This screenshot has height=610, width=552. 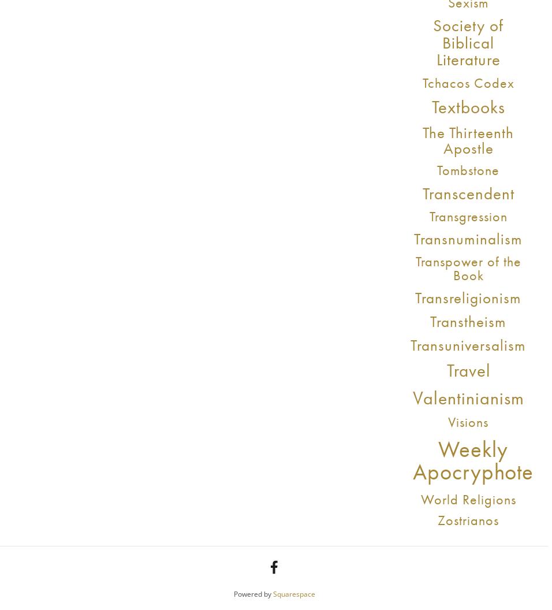 What do you see at coordinates (414, 239) in the screenshot?
I see `'Transnuminalism'` at bounding box center [414, 239].